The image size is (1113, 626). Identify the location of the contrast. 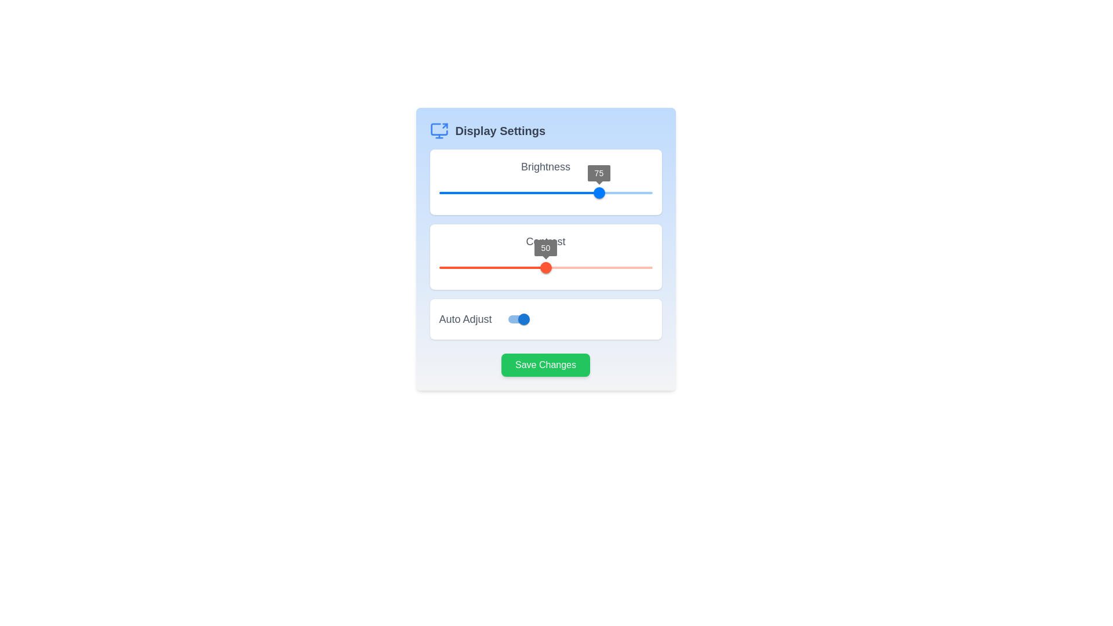
(501, 268).